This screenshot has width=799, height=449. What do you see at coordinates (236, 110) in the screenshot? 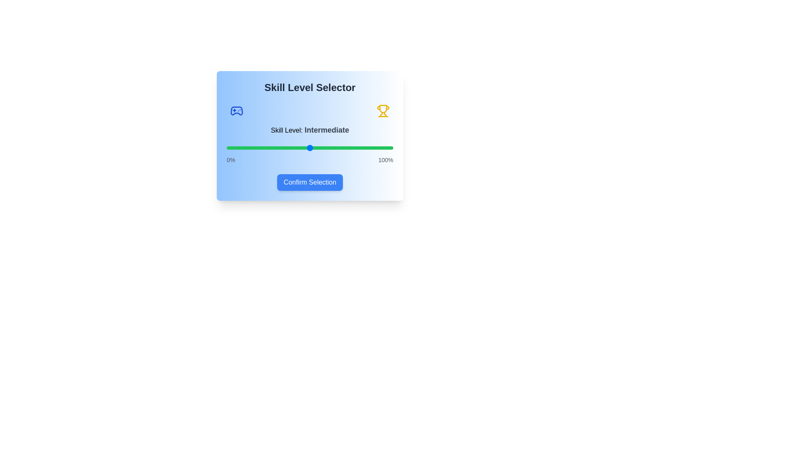
I see `the gamepad decorative icon to focus on it` at bounding box center [236, 110].